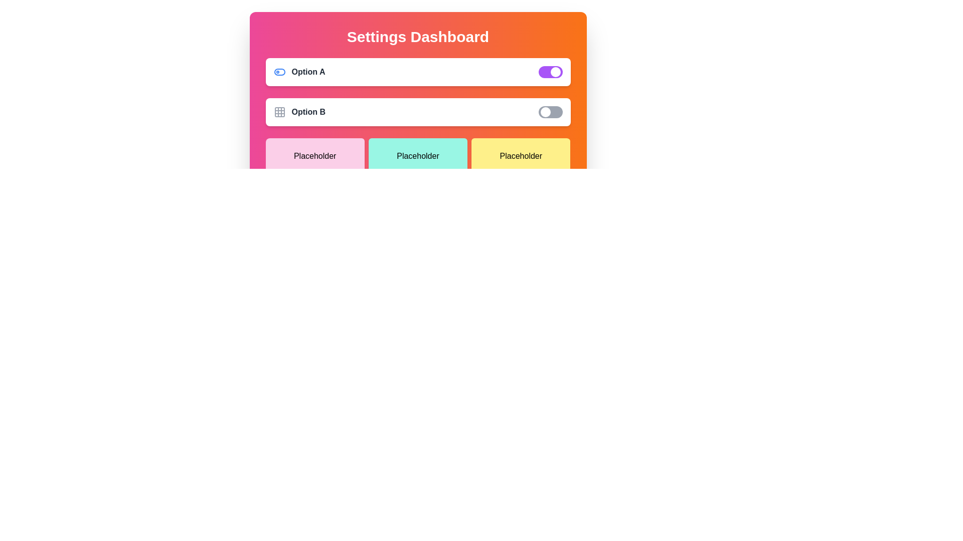  What do you see at coordinates (418, 156) in the screenshot?
I see `the middle card in the settings dashboard interface, which is a non-interactive placeholder among three horizontally aligned cards` at bounding box center [418, 156].